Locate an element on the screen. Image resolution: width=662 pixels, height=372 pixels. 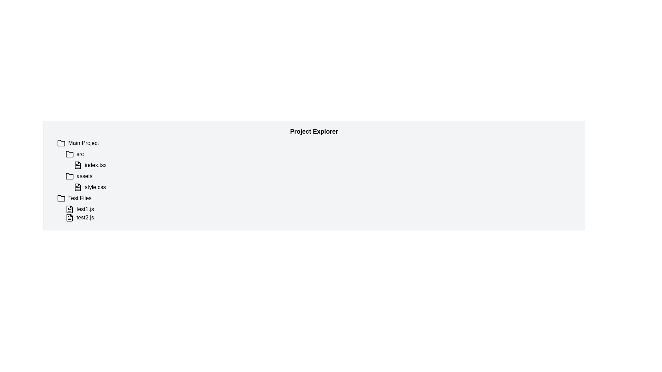
text displayed in the bold label 'Project Explorer' located centrally at the top of the panel is located at coordinates (314, 131).